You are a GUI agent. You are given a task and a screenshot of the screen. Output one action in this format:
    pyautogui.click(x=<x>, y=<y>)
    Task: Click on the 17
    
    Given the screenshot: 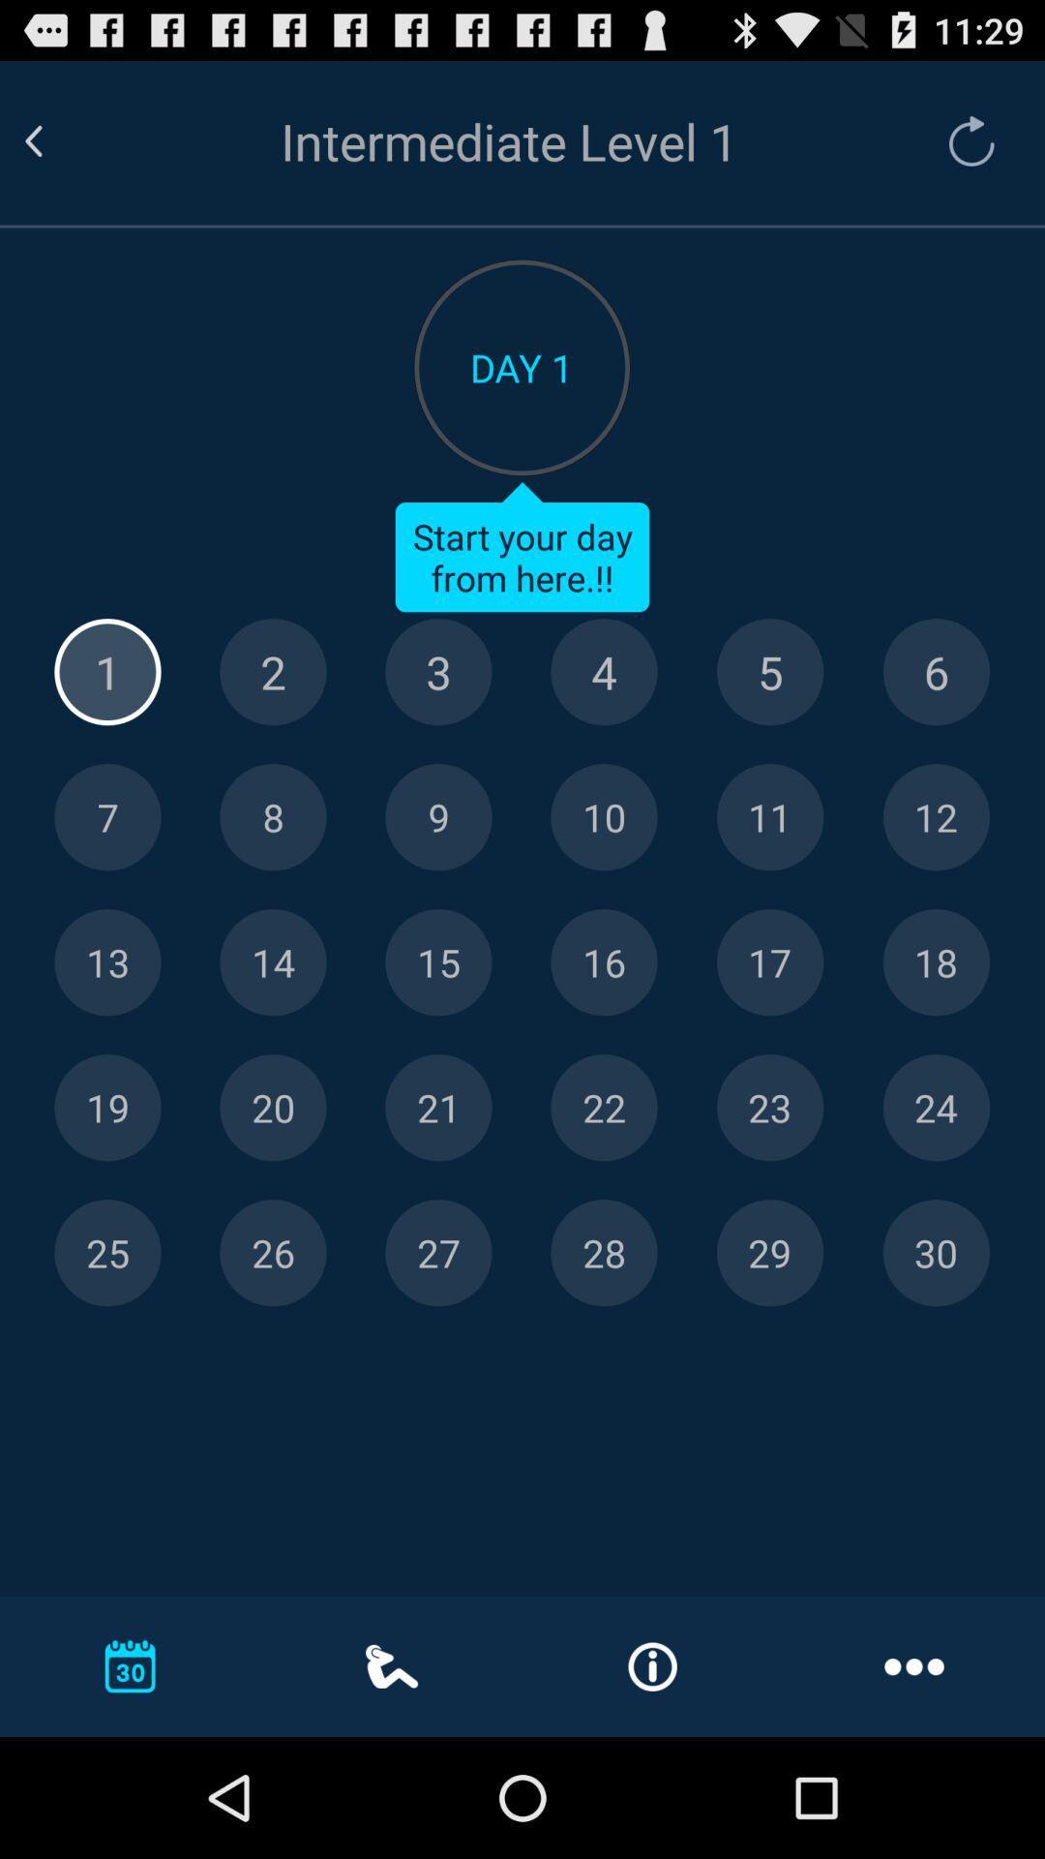 What is the action you would take?
    pyautogui.click(x=769, y=962)
    